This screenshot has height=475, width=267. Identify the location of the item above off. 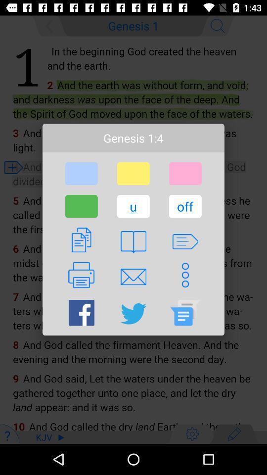
(185, 174).